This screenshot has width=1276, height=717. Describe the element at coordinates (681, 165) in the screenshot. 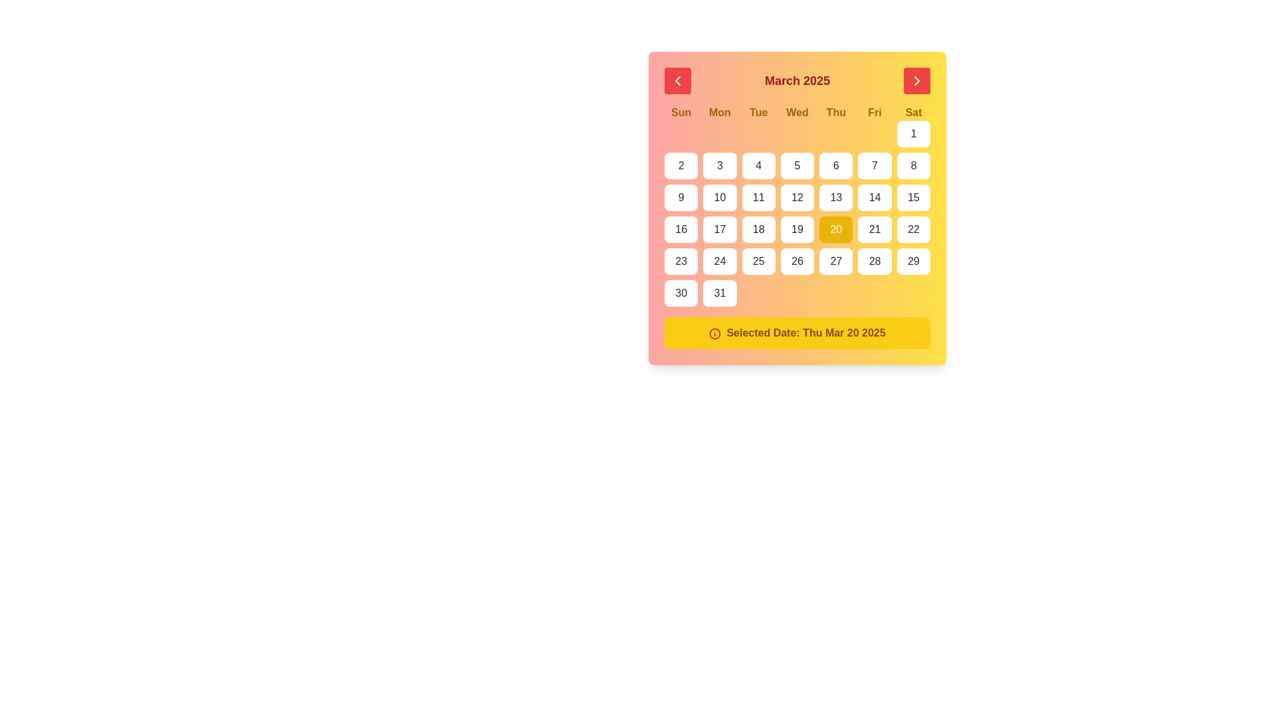

I see `the small rounded rectangular button with a white background and the number '2' centered inside it` at that location.